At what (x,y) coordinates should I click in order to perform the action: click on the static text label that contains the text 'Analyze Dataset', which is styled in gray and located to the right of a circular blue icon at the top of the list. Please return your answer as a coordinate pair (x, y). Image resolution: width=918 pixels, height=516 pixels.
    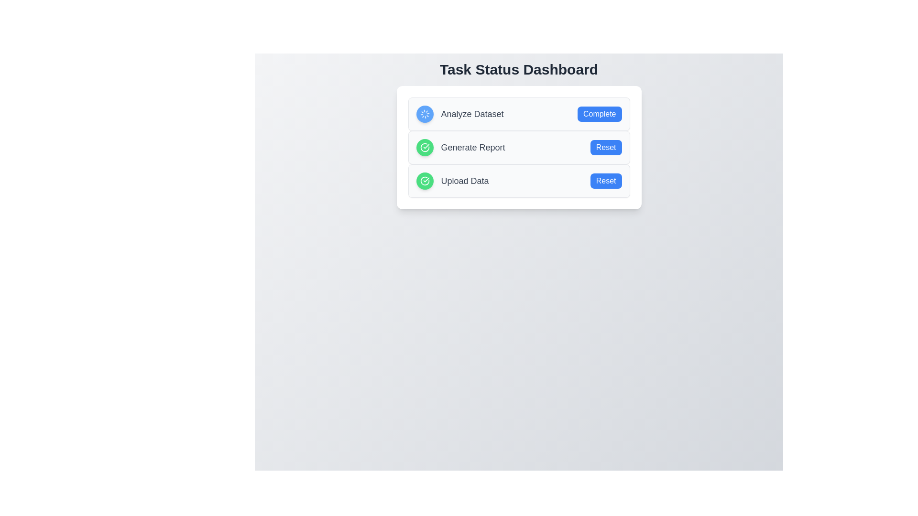
    Looking at the image, I should click on (472, 114).